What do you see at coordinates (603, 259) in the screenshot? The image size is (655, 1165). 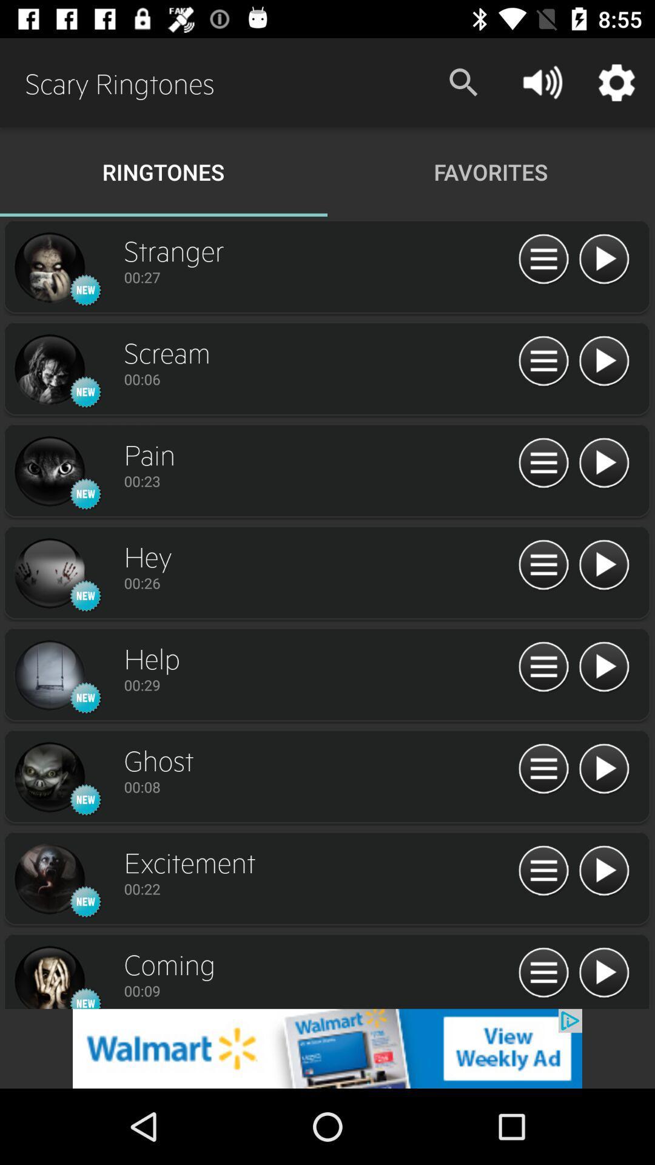 I see `play` at bounding box center [603, 259].